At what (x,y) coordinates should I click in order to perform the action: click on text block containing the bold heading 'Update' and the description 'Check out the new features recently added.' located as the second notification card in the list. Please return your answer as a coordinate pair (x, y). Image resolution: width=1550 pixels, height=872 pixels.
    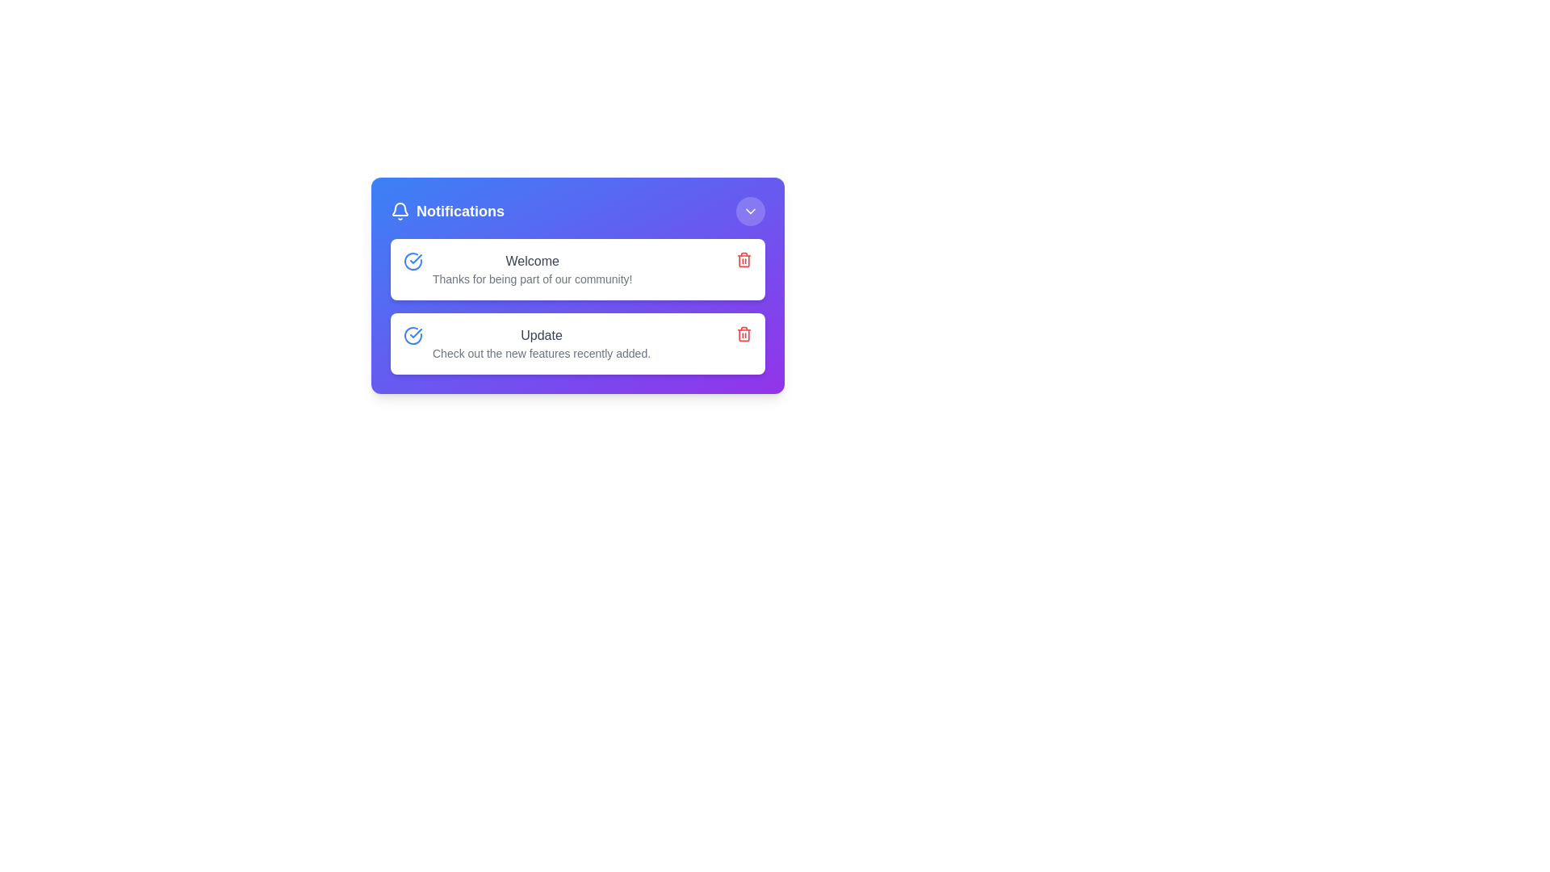
    Looking at the image, I should click on (542, 342).